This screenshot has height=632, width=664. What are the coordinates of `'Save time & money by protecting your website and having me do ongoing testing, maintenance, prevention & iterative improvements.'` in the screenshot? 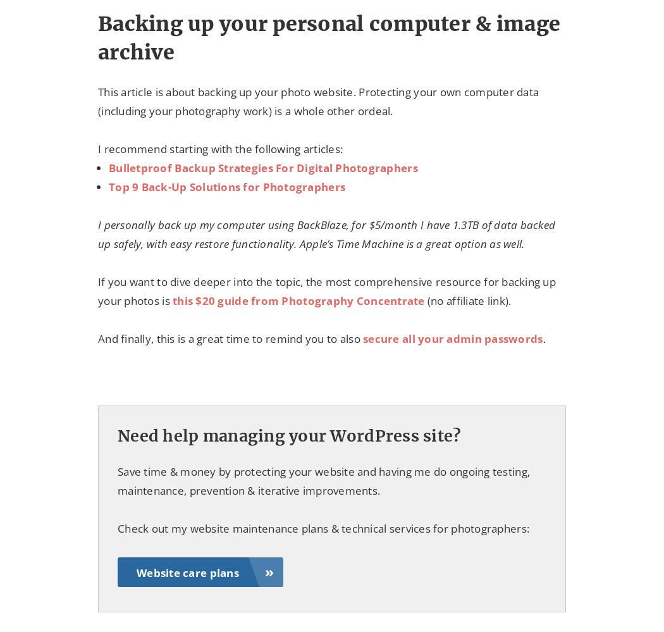 It's located at (323, 480).